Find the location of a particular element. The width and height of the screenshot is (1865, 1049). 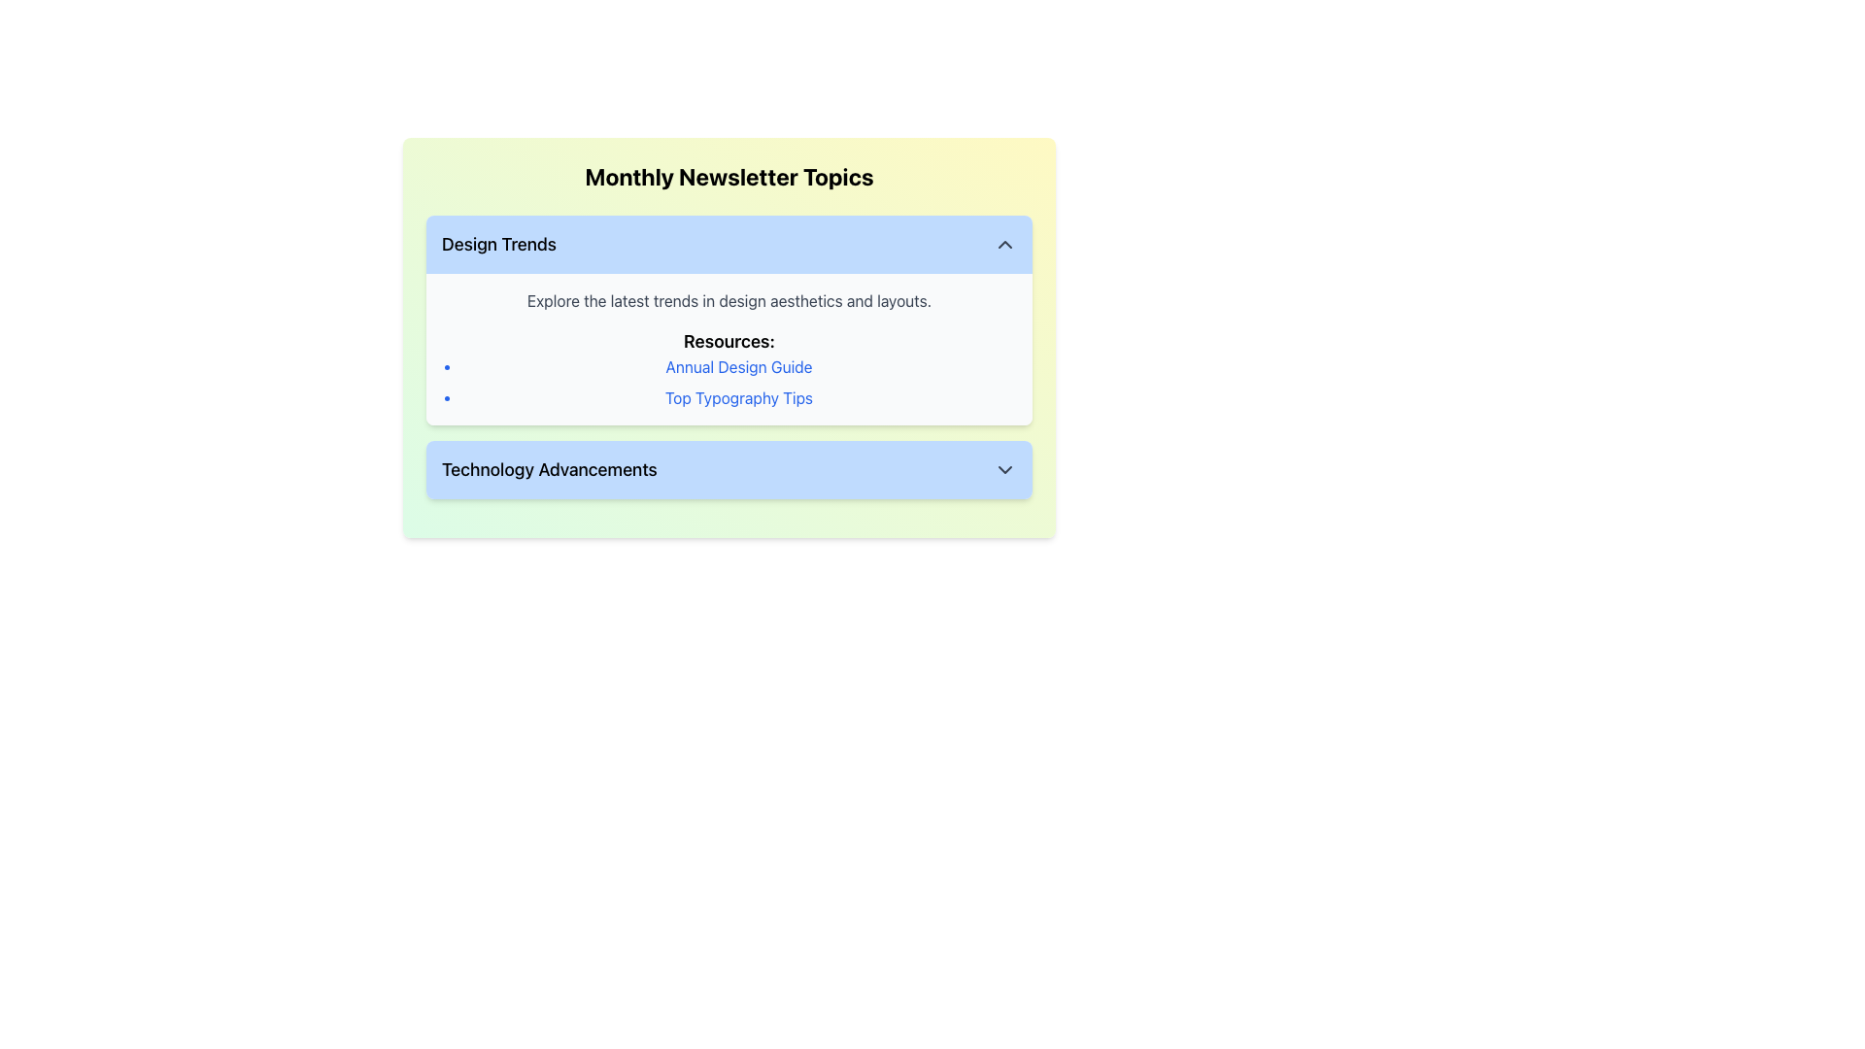

text label that introduces the resources listed below it, located in the 'Design Trends' section, positioned centrally above a bulleted list is located at coordinates (728, 340).